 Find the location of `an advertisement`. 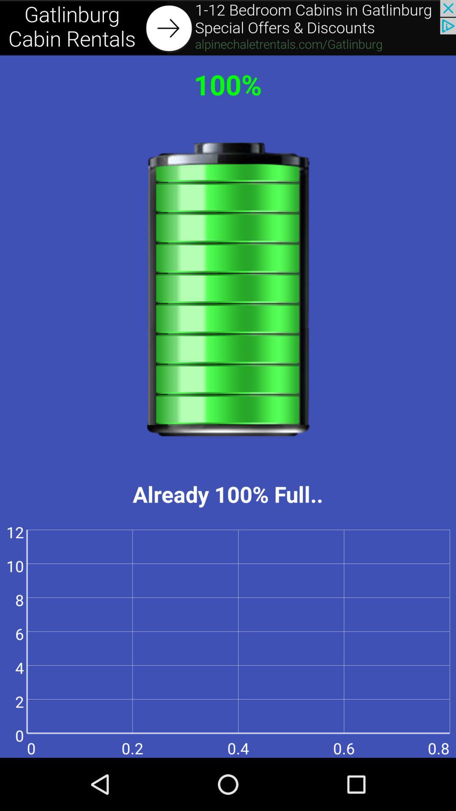

an advertisement is located at coordinates (228, 27).